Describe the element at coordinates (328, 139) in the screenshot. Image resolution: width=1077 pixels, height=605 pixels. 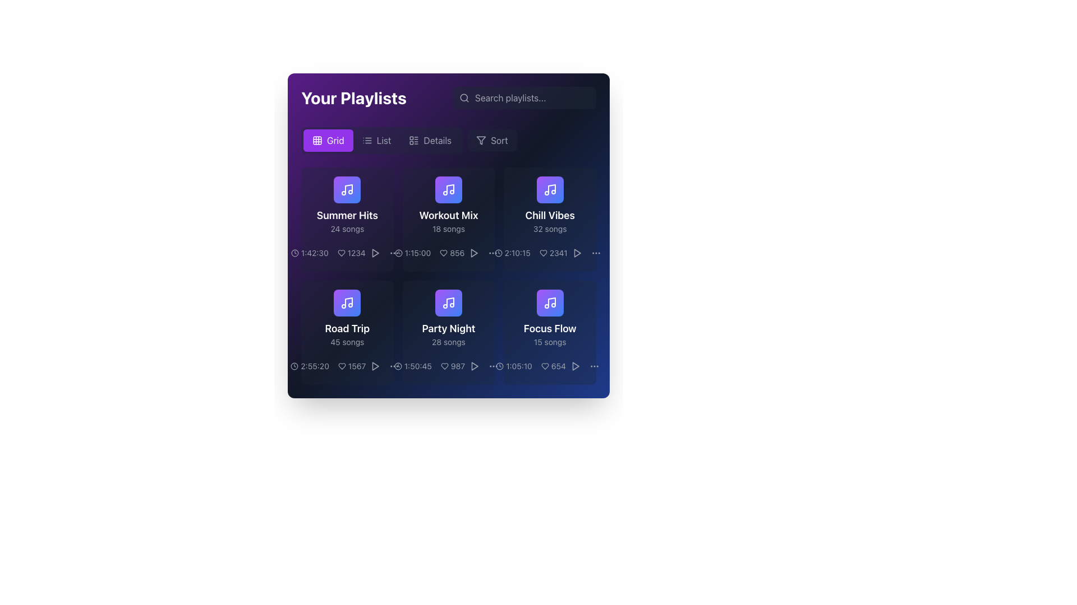
I see `the rectangular button with a purple background and white text reading 'Grid'` at that location.